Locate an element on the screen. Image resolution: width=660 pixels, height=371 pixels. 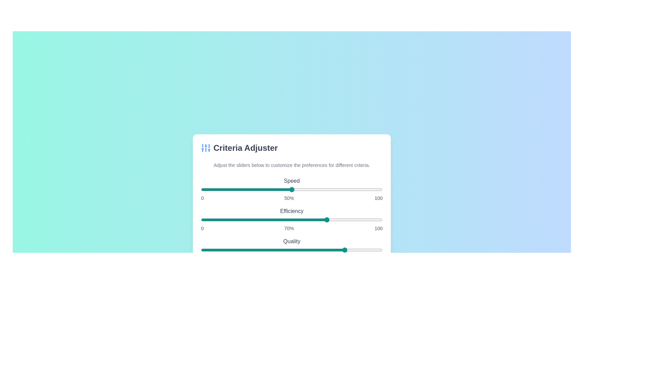
the label of the slider to interact with its text is located at coordinates (292, 181).